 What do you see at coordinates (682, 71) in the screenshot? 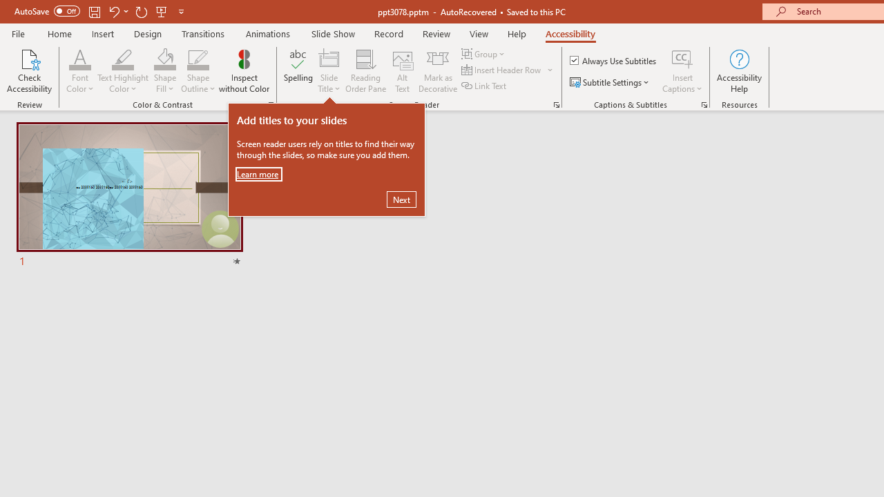
I see `'Insert Captions'` at bounding box center [682, 71].